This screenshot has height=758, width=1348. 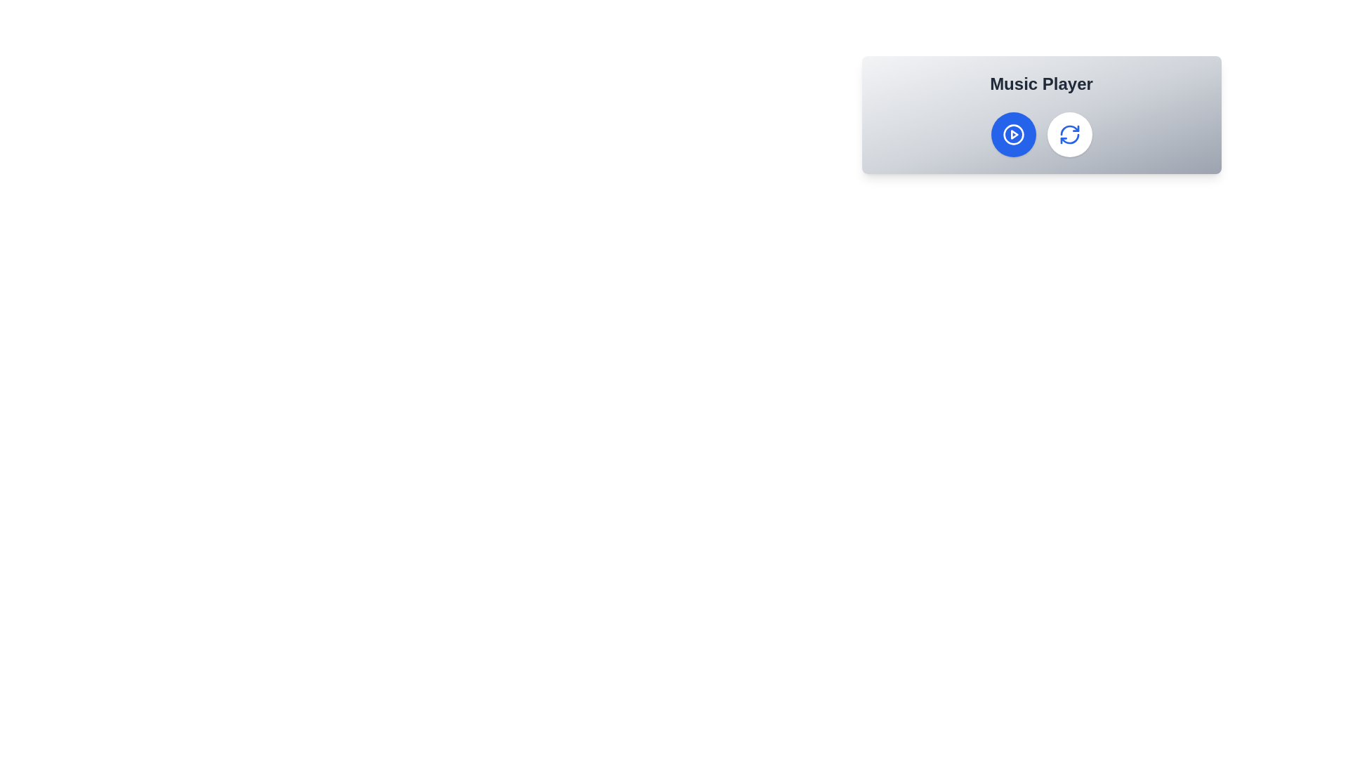 What do you see at coordinates (1014, 135) in the screenshot?
I see `the play button, which is a blue circular button located on the left side below the 'Music Player' title, to trigger tooltip or highlight effects` at bounding box center [1014, 135].